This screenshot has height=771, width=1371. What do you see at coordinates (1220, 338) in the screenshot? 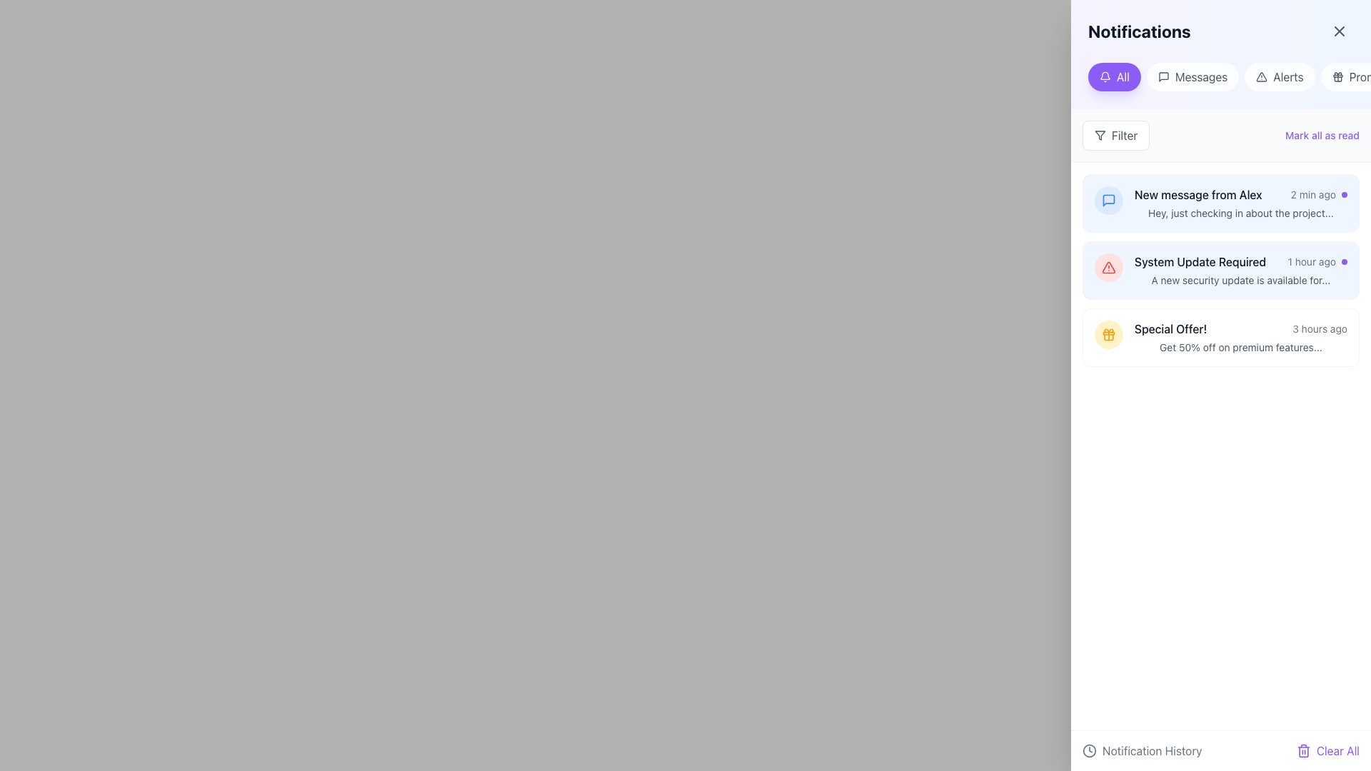
I see `the third notification item in the notifications panel that provides a summary of a special offer` at bounding box center [1220, 338].